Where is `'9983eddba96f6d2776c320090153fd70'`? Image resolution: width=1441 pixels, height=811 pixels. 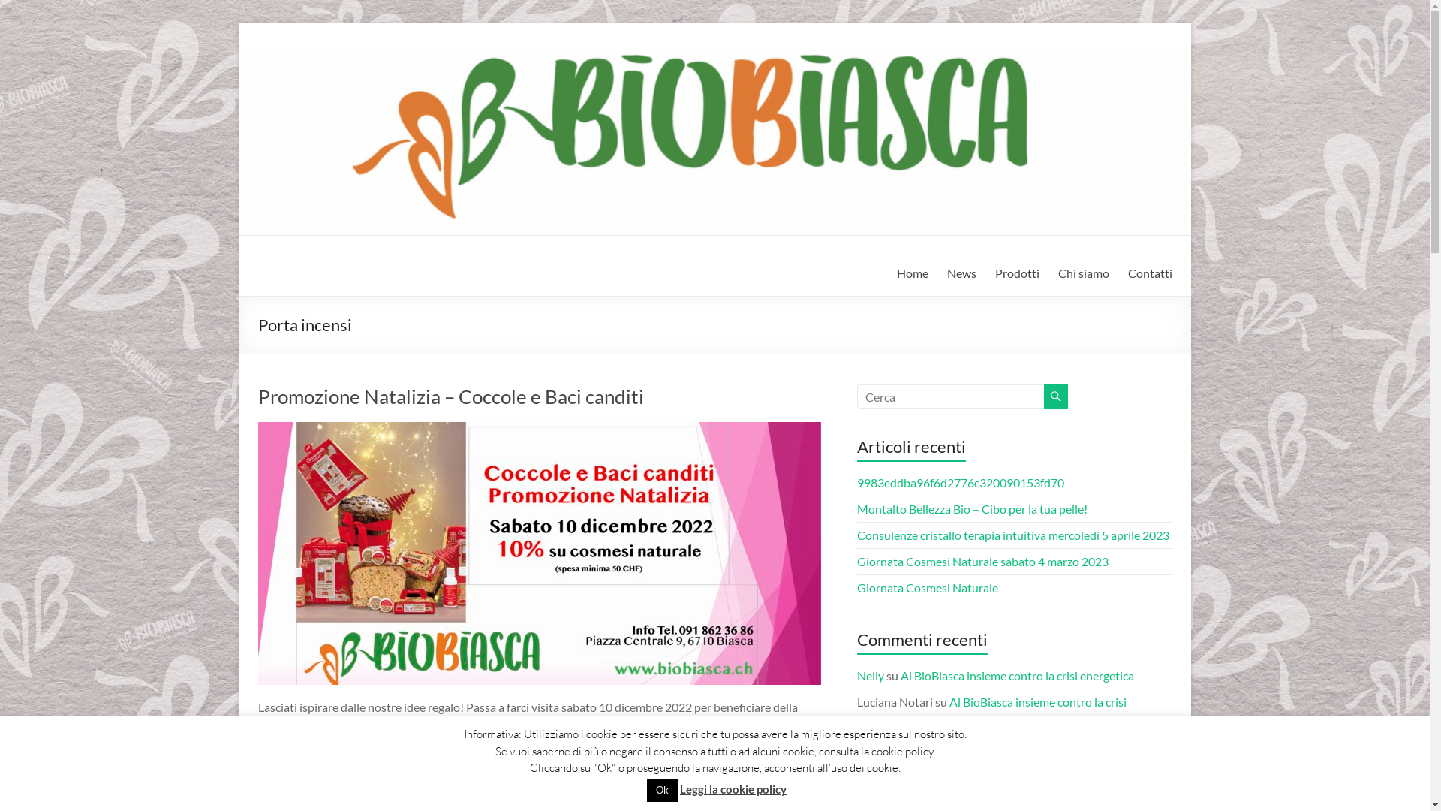
'9983eddba96f6d2776c320090153fd70' is located at coordinates (961, 482).